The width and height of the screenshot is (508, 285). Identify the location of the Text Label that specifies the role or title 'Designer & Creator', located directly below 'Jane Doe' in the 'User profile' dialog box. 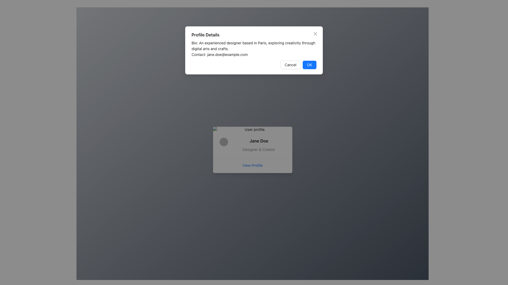
(259, 149).